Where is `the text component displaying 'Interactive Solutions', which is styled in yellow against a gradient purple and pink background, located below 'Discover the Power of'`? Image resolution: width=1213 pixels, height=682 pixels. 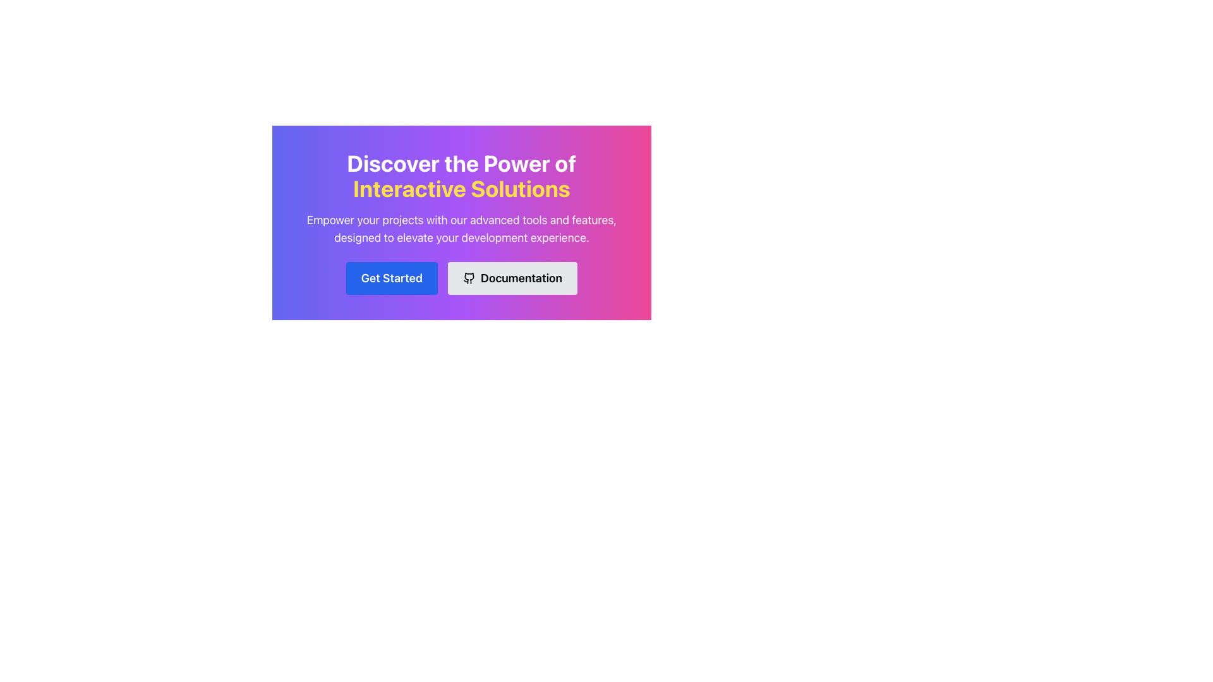
the text component displaying 'Interactive Solutions', which is styled in yellow against a gradient purple and pink background, located below 'Discover the Power of' is located at coordinates (461, 188).